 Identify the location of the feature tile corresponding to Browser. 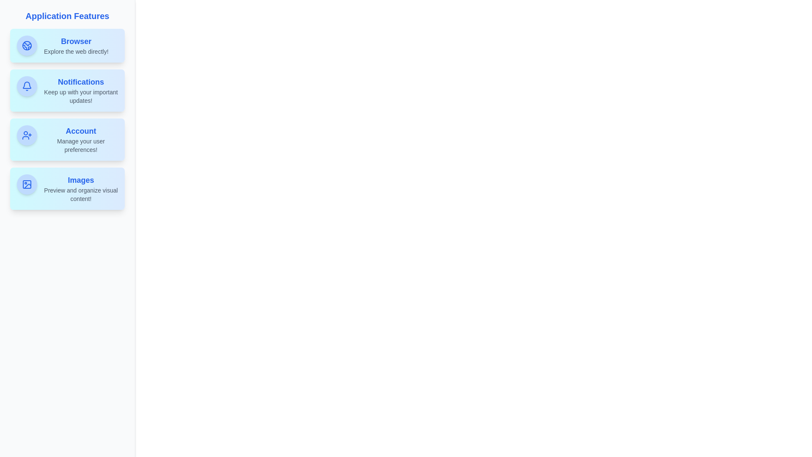
(67, 46).